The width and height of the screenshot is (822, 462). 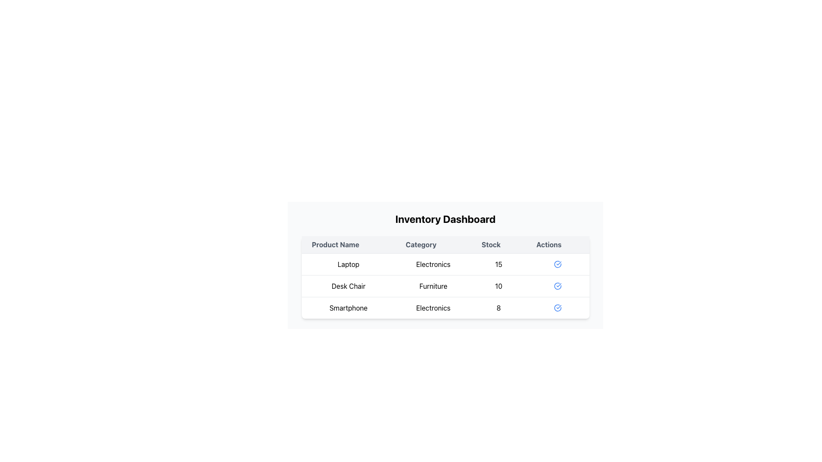 What do you see at coordinates (445, 219) in the screenshot?
I see `'Inventory Dashboard' text label that serves as a descriptive heading for the inventory table, providing context for the displayed data` at bounding box center [445, 219].